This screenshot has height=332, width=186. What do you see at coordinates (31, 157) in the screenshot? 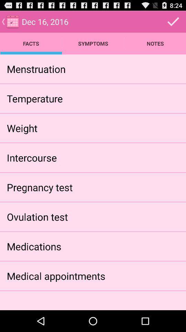
I see `item below the weight icon` at bounding box center [31, 157].